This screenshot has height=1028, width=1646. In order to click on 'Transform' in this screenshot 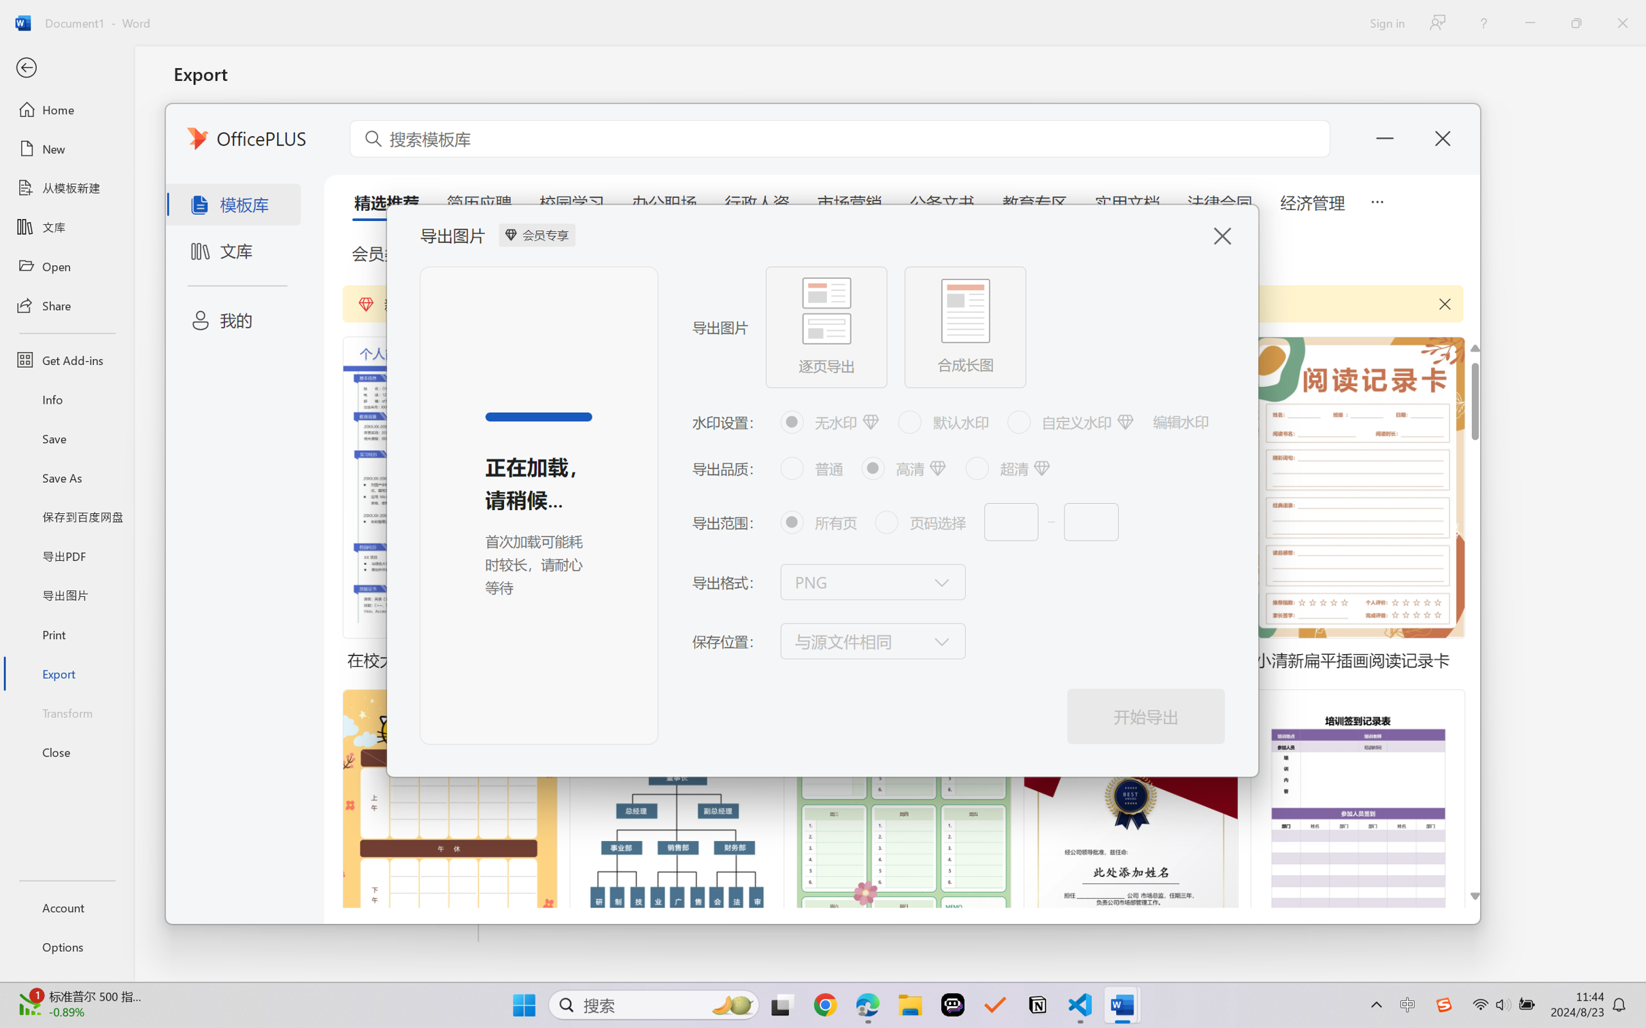, I will do `click(66, 711)`.